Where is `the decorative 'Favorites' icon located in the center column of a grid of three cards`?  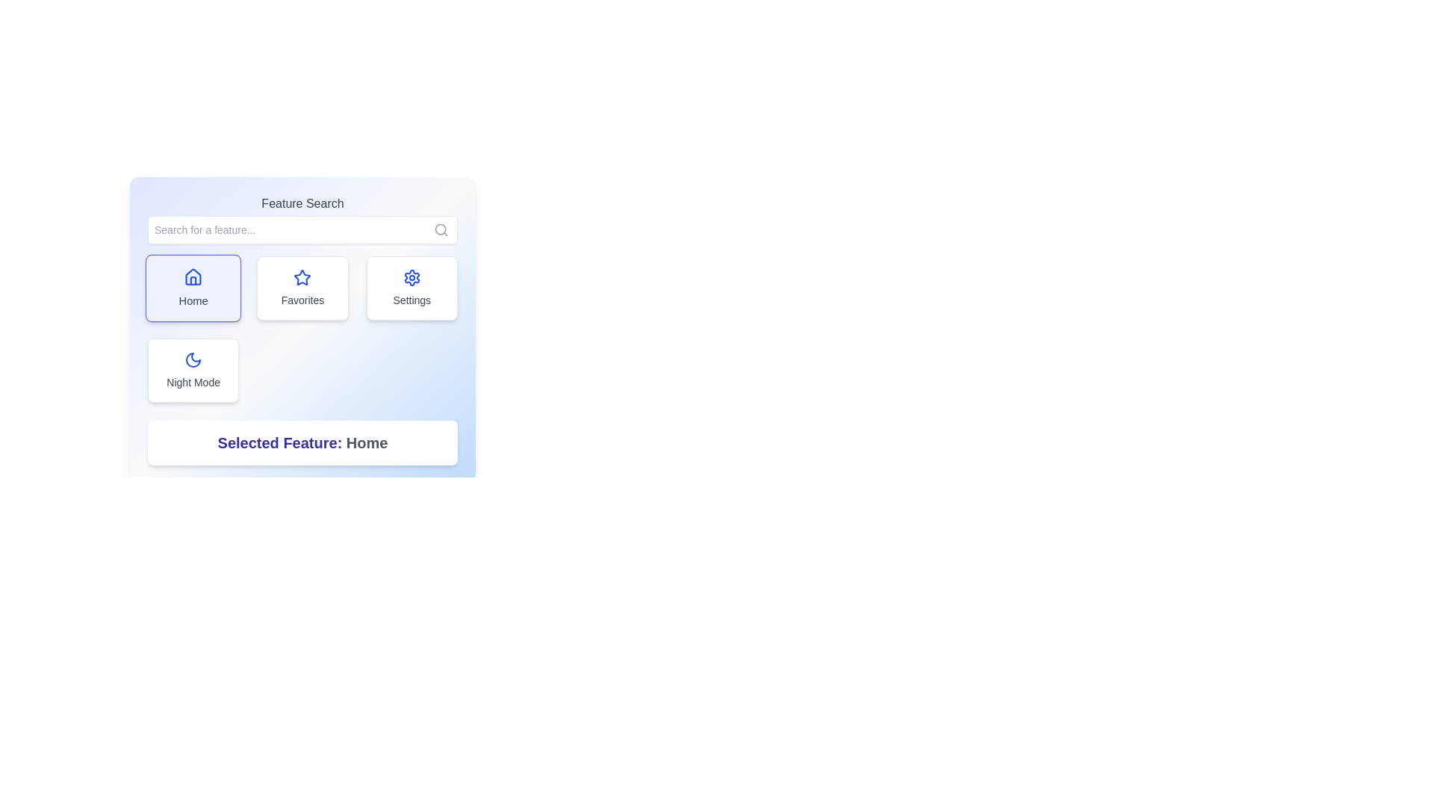
the decorative 'Favorites' icon located in the center column of a grid of three cards is located at coordinates (302, 277).